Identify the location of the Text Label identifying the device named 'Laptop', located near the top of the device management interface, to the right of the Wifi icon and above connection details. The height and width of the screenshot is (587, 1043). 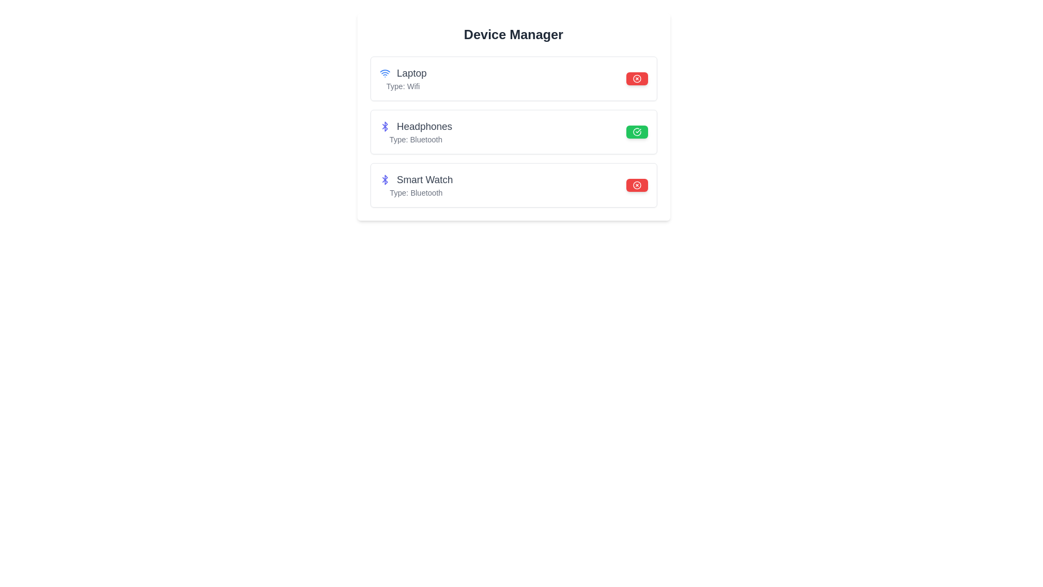
(403, 73).